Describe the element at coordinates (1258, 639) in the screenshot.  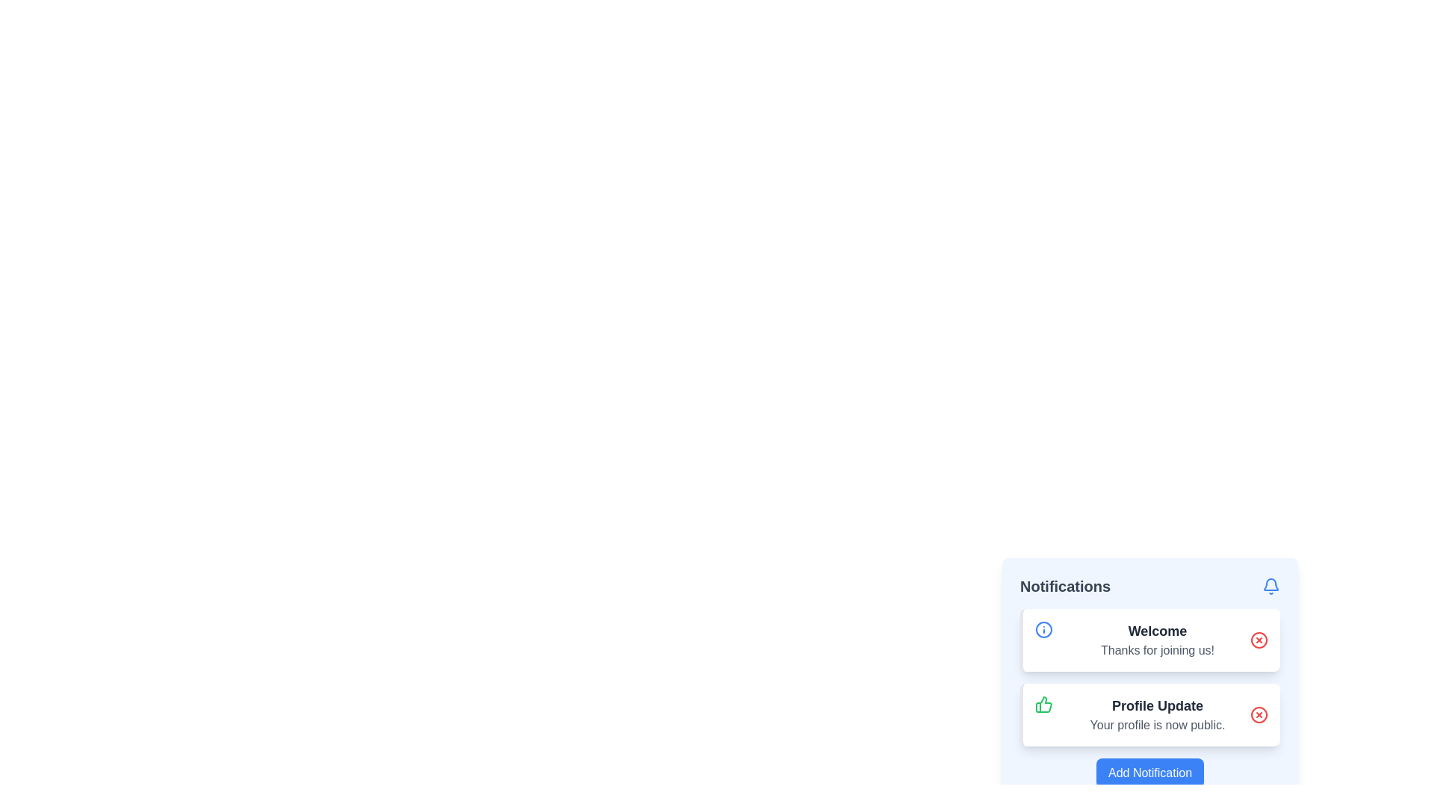
I see `the dismiss button located at the far-right of the notification card with the title 'Welcome'` at that location.